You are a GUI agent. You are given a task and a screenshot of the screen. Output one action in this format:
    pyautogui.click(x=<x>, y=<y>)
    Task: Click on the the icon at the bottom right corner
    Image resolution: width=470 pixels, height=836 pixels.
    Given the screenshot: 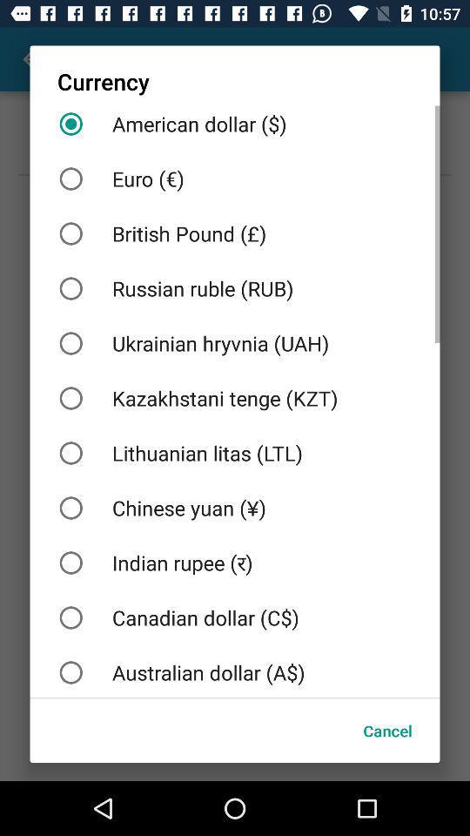 What is the action you would take?
    pyautogui.click(x=387, y=731)
    